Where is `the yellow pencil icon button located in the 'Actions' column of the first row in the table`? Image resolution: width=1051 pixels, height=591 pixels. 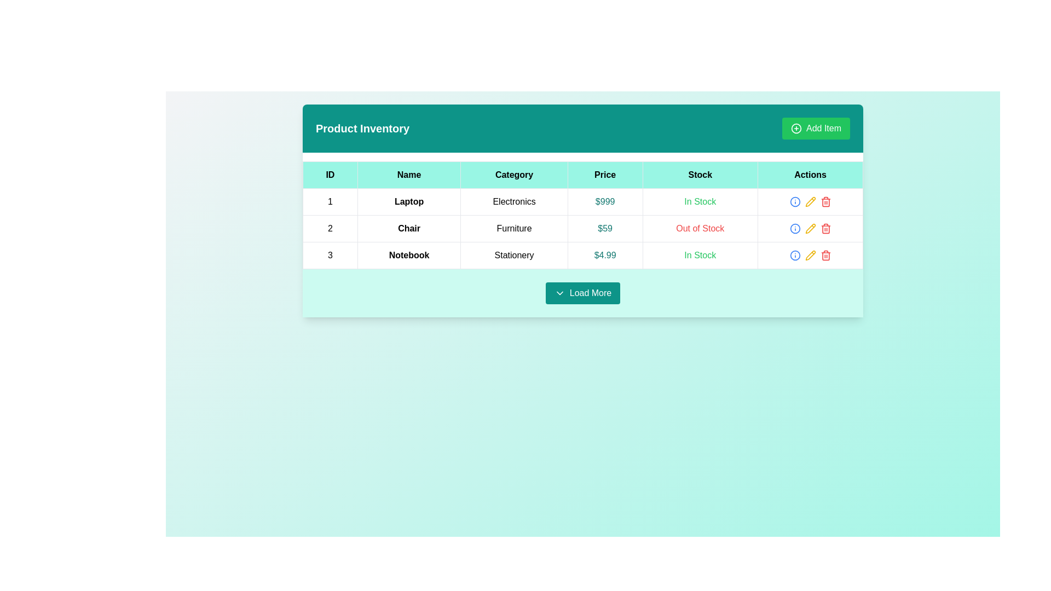
the yellow pencil icon button located in the 'Actions' column of the first row in the table is located at coordinates (810, 202).